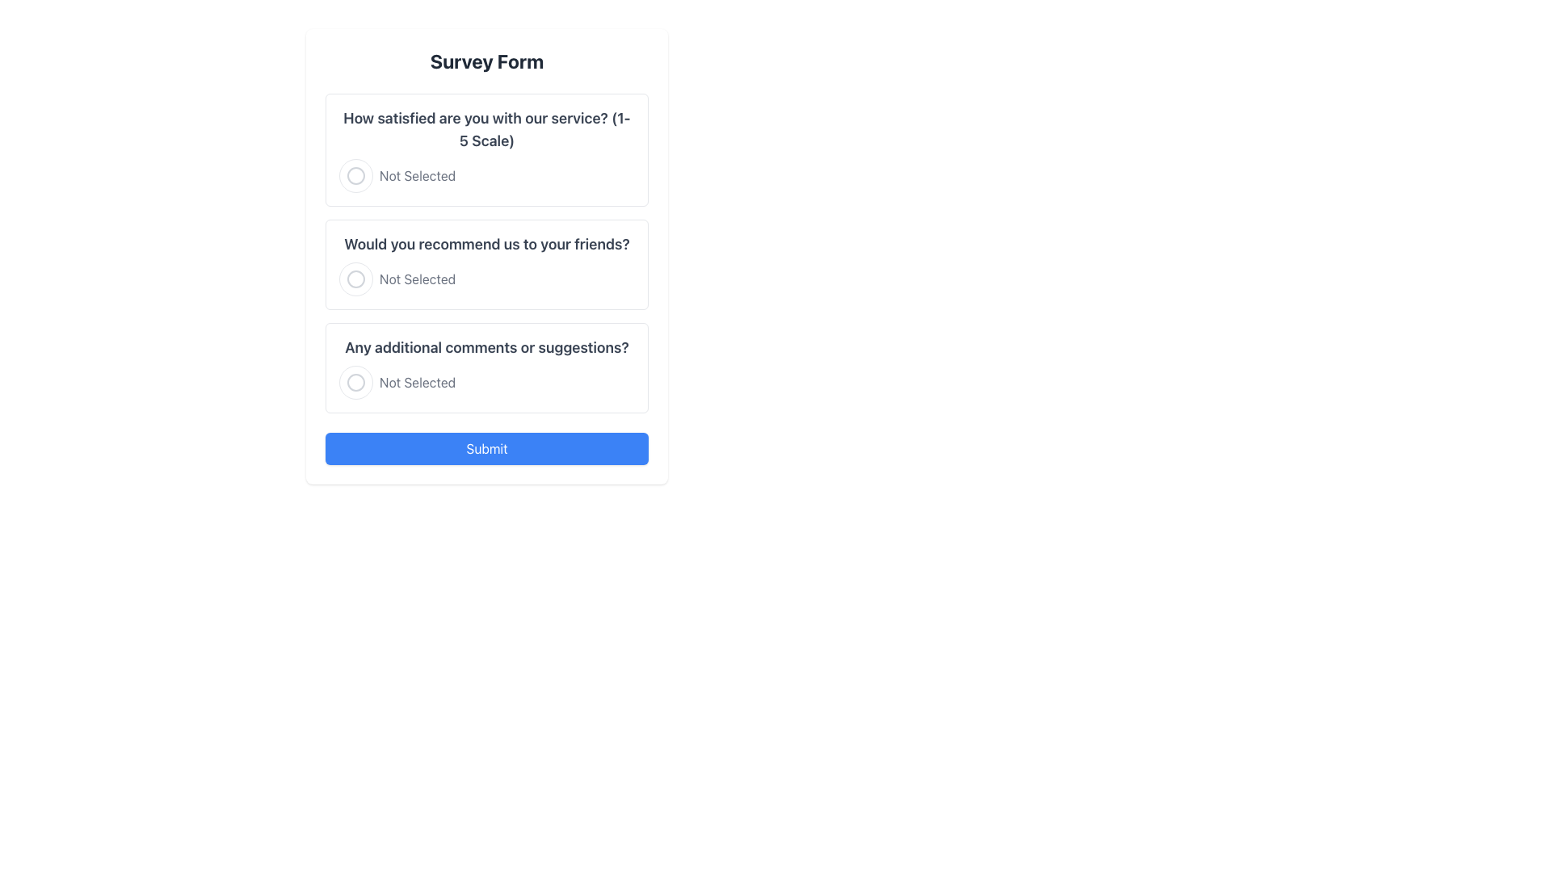  What do you see at coordinates (418, 176) in the screenshot?
I see `the text label indicating the current state of the option for the question 'How satisfied are you with our service? (1-5 Scale)', located on the right-hand side of the selection circle` at bounding box center [418, 176].